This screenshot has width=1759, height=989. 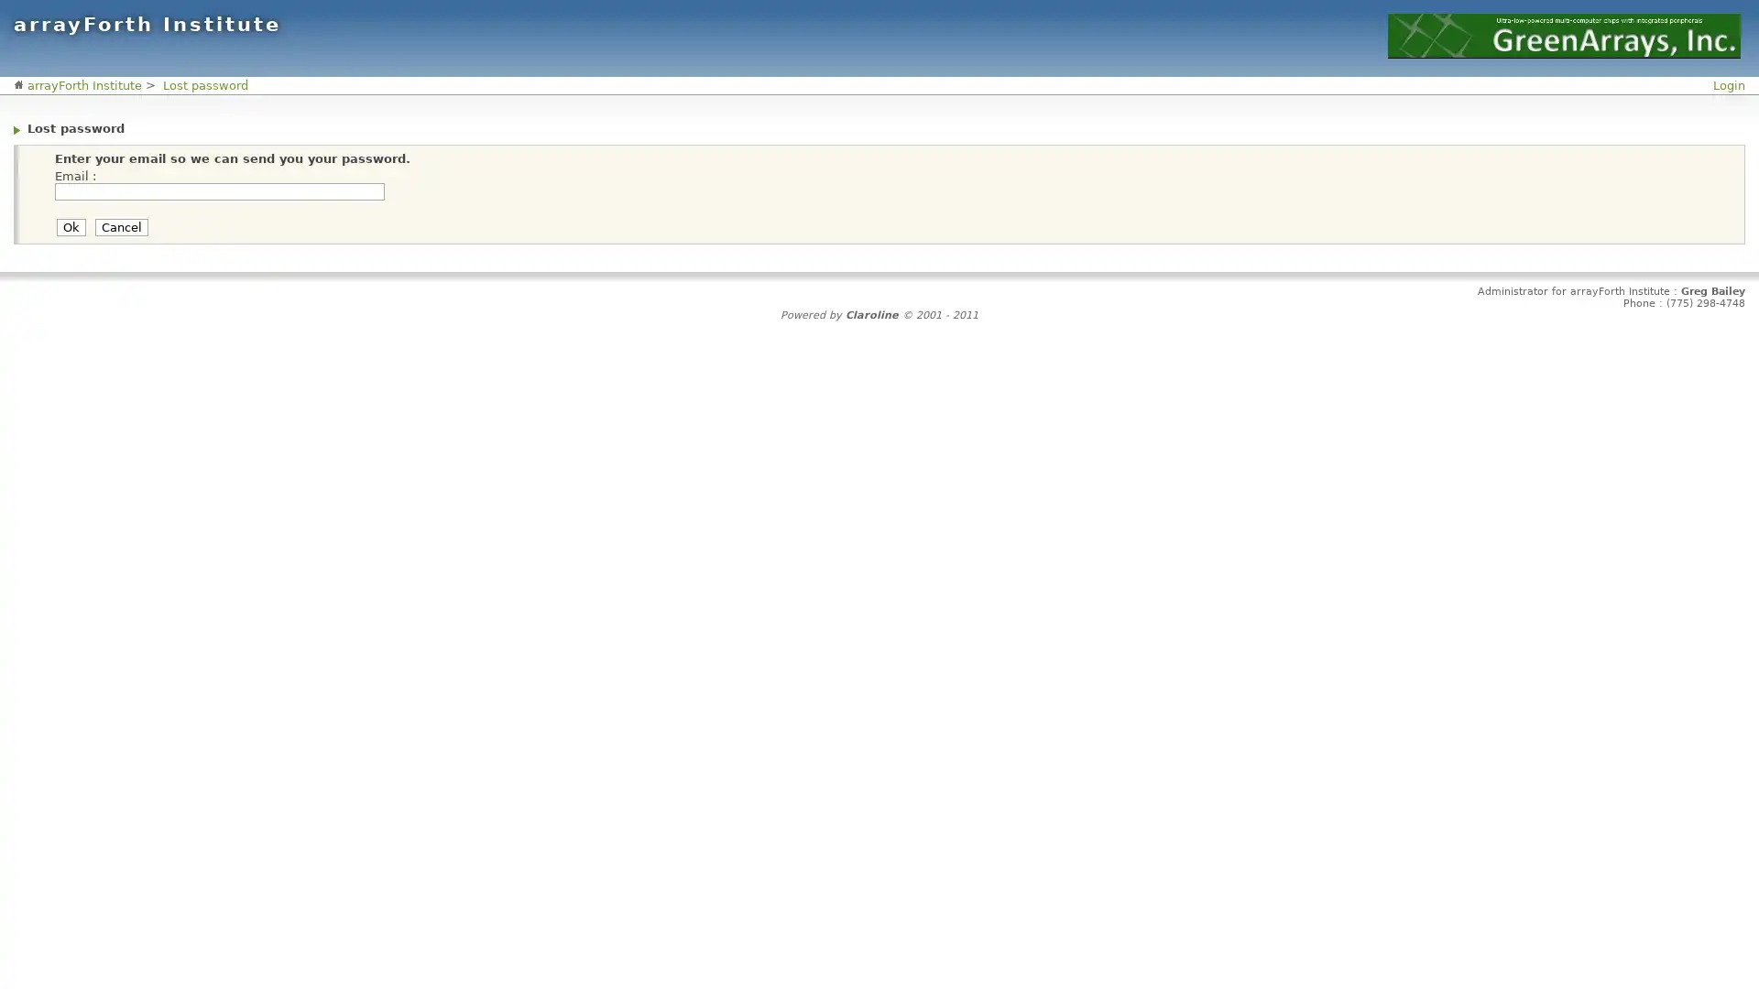 What do you see at coordinates (121, 226) in the screenshot?
I see `Cancel` at bounding box center [121, 226].